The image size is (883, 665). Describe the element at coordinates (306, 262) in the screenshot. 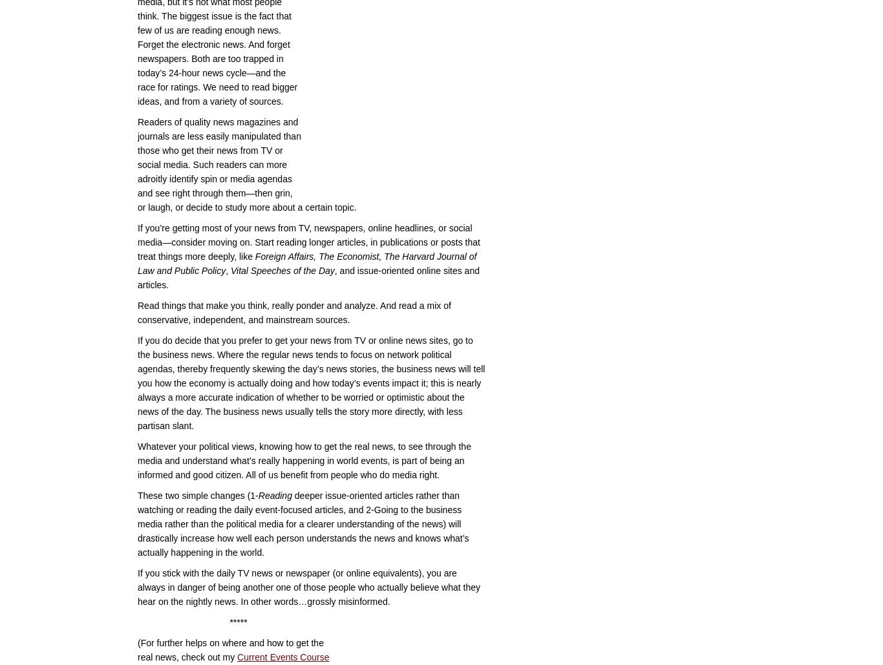

I see `'Foreign Affairs, The Economist, The Harvard Journal of Law and Public Policy'` at that location.